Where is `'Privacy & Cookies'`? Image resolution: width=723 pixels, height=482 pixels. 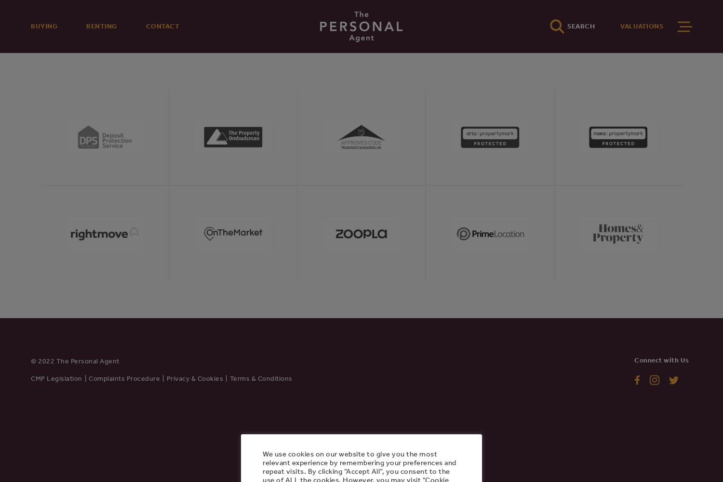 'Privacy & Cookies' is located at coordinates (194, 378).